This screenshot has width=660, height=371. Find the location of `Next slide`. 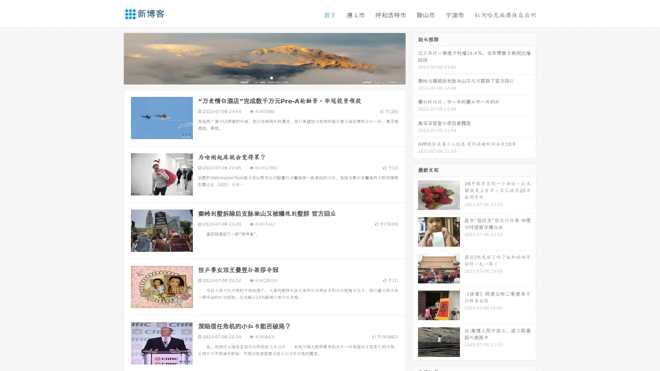

Next slide is located at coordinates (415, 58).